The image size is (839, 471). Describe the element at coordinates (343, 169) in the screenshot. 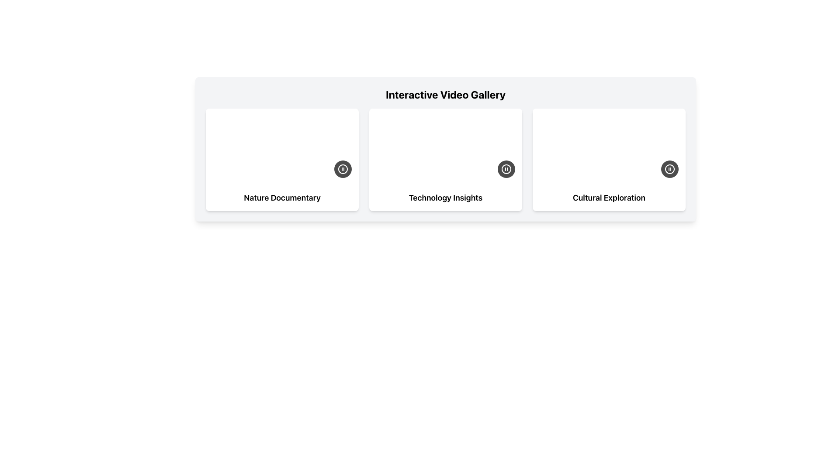

I see `the circular icon button featuring a pause symbol, located at the bottom-right corner of the leftmost card labeled 'Nature Documentary'` at that location.